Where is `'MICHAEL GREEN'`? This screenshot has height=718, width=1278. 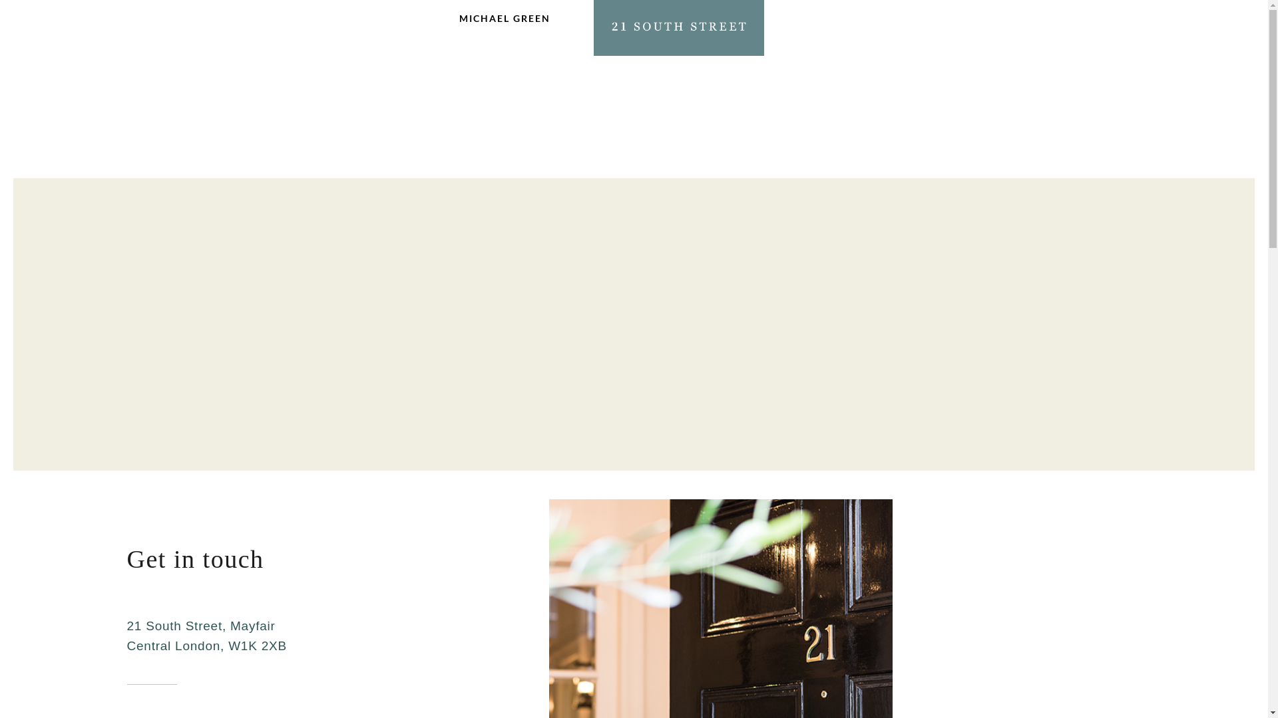 'MICHAEL GREEN' is located at coordinates (459, 25).